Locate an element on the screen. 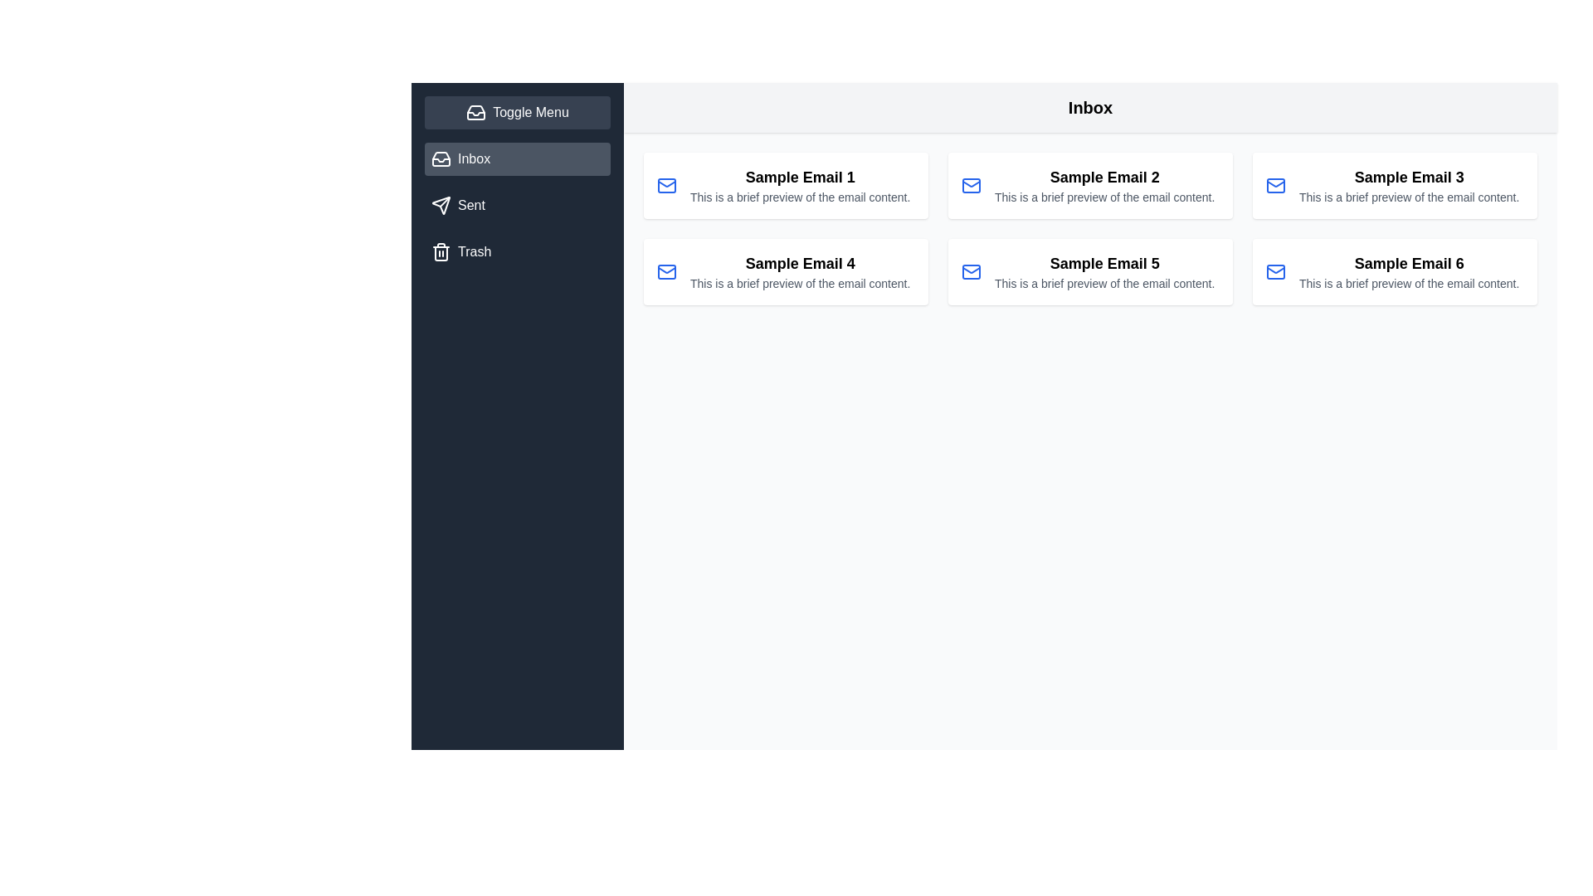 The image size is (1593, 896). text displayed in the header indicating the current section of the 'Inbox' is located at coordinates (1090, 108).